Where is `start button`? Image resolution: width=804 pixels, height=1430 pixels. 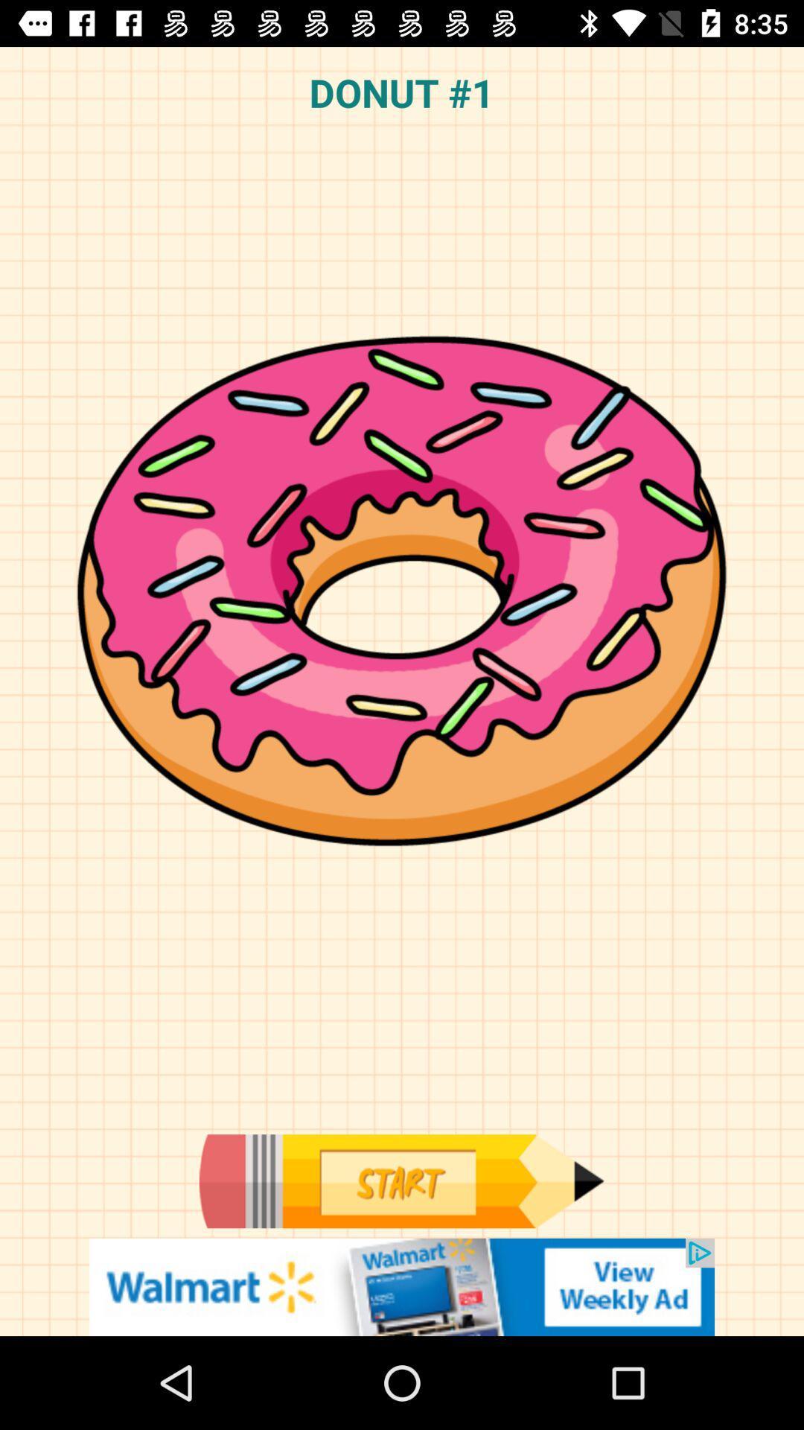
start button is located at coordinates (401, 1180).